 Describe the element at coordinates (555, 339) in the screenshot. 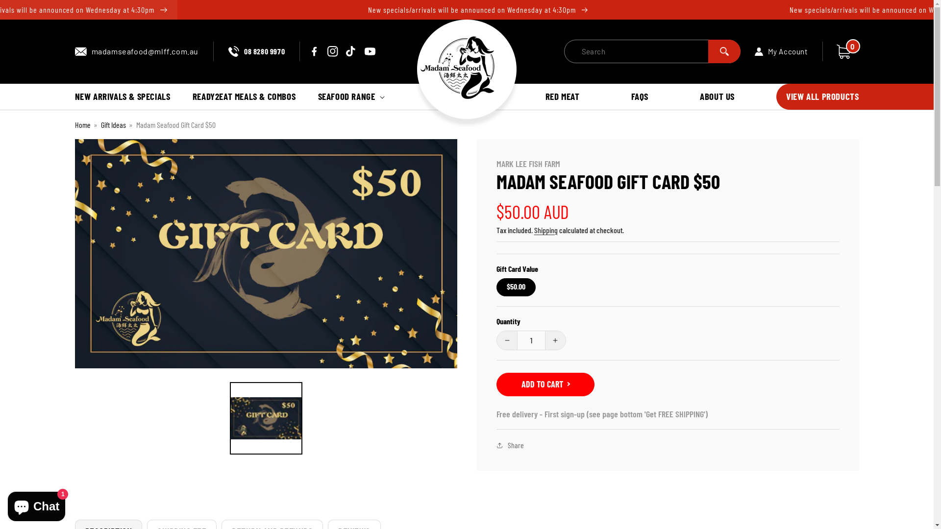

I see `'Increase quantity for Madam Seafood Gift Card $50'` at that location.